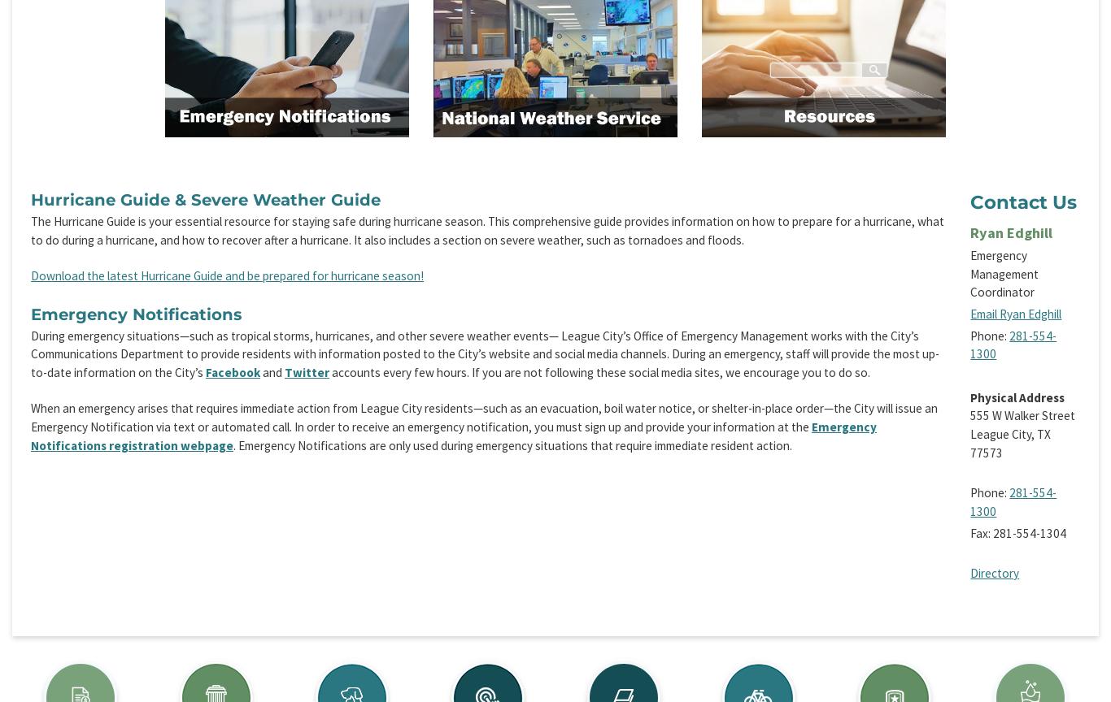 The image size is (1111, 702). I want to click on 'accounts every few hours. If you are not following these social media sites, we encourage you to do so.', so click(600, 372).